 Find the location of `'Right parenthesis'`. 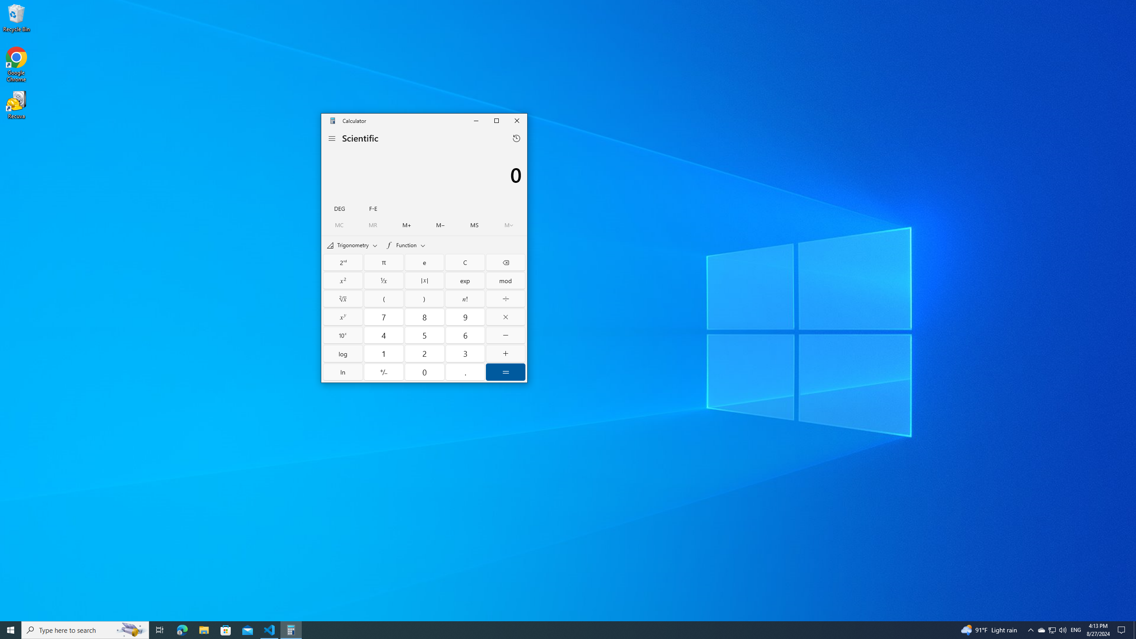

'Right parenthesis' is located at coordinates (424, 299).